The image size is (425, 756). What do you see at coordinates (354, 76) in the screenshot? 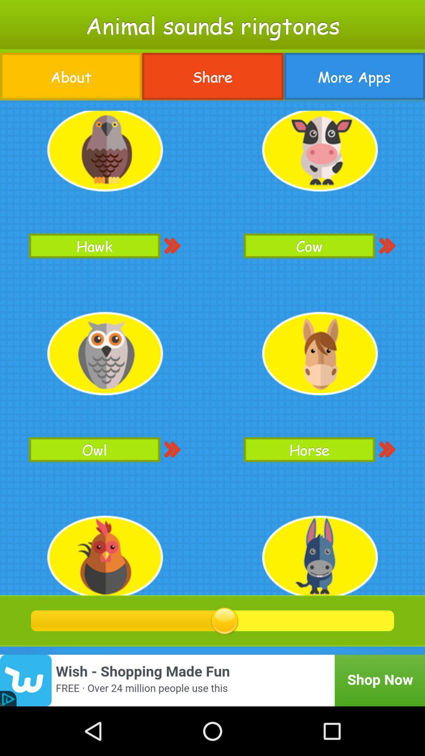
I see `item below the animal sounds ringtones app` at bounding box center [354, 76].